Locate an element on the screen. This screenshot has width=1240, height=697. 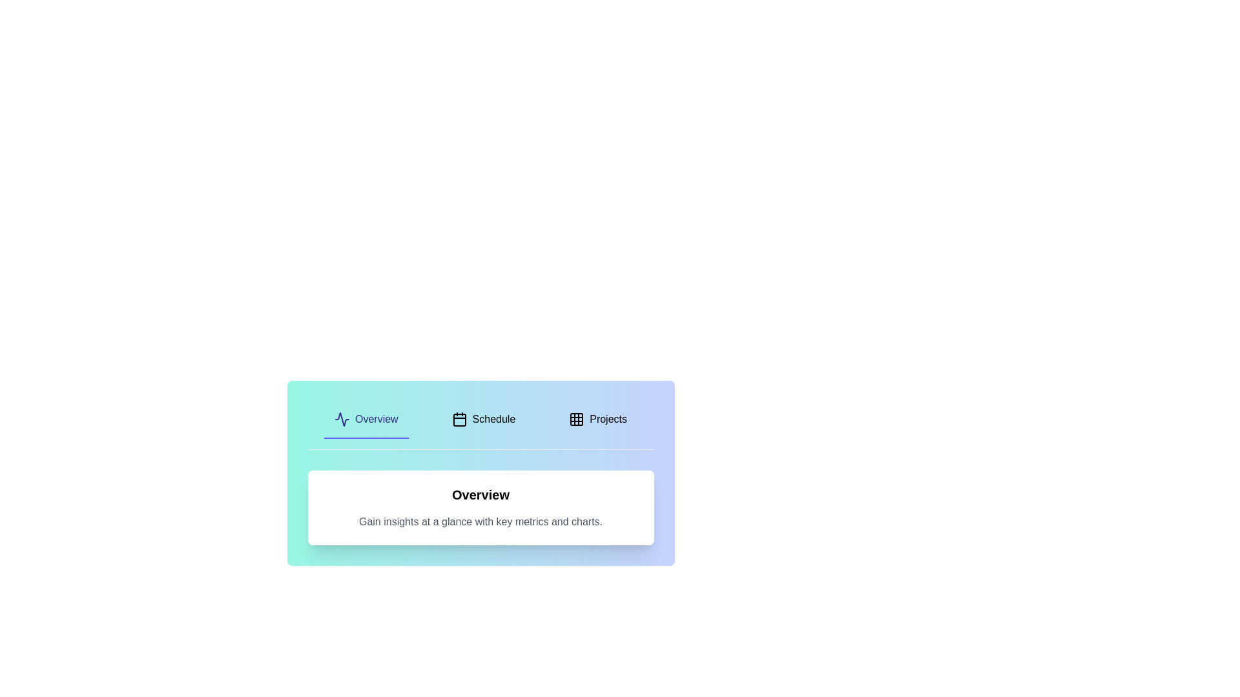
the Overview tab is located at coordinates (366, 420).